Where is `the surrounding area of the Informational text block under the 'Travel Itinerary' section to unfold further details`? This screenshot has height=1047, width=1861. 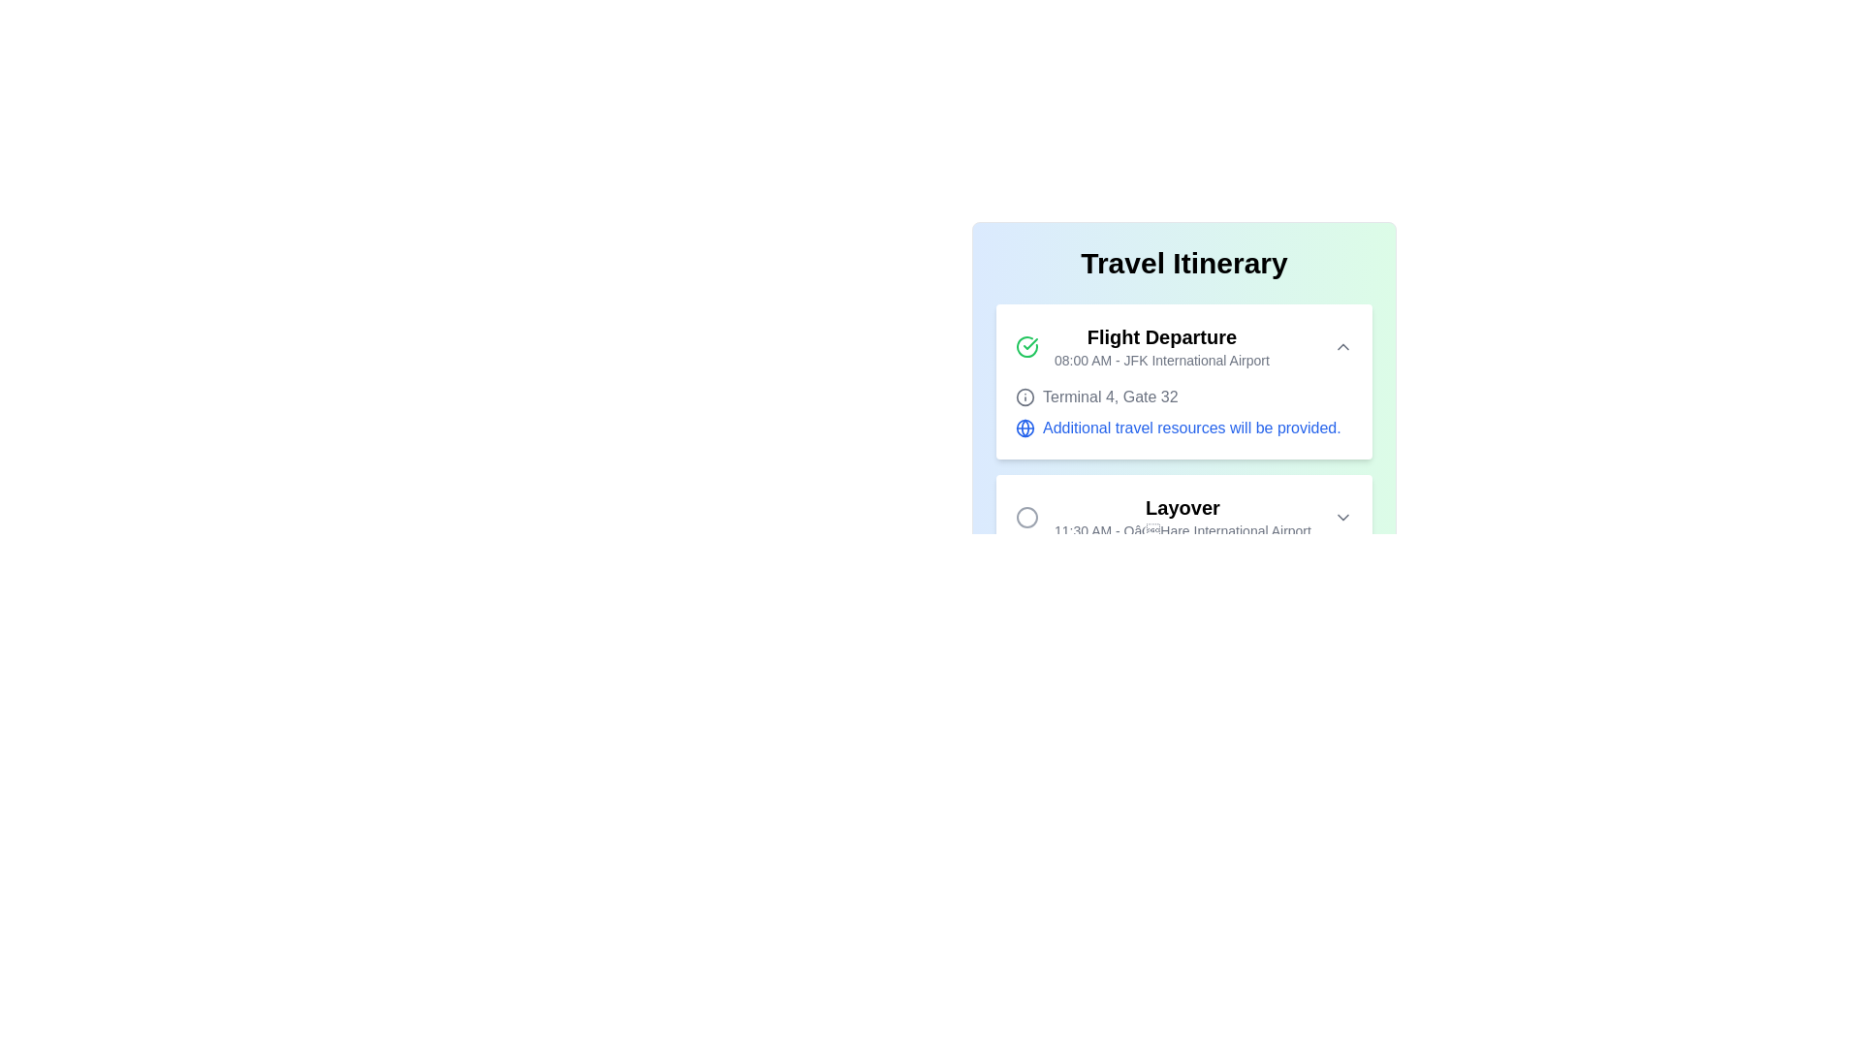 the surrounding area of the Informational text block under the 'Travel Itinerary' section to unfold further details is located at coordinates (1163, 516).